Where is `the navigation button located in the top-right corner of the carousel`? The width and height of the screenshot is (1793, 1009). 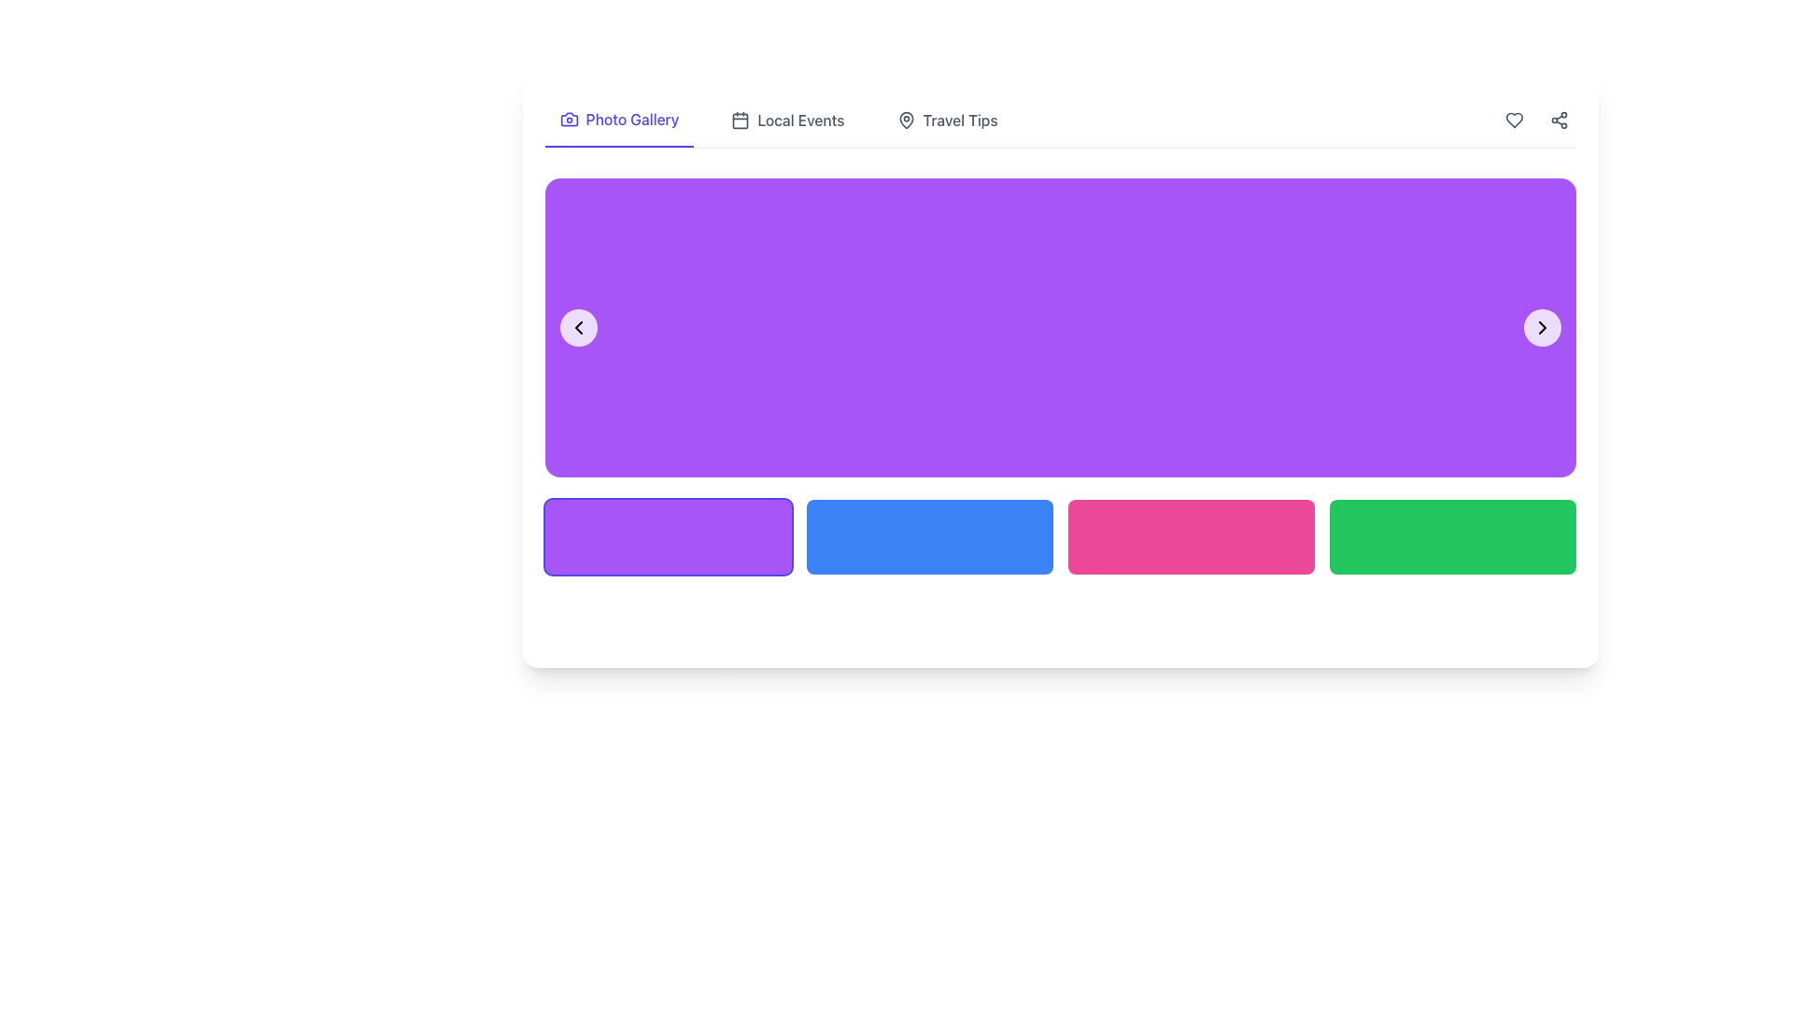 the navigation button located in the top-right corner of the carousel is located at coordinates (1542, 327).